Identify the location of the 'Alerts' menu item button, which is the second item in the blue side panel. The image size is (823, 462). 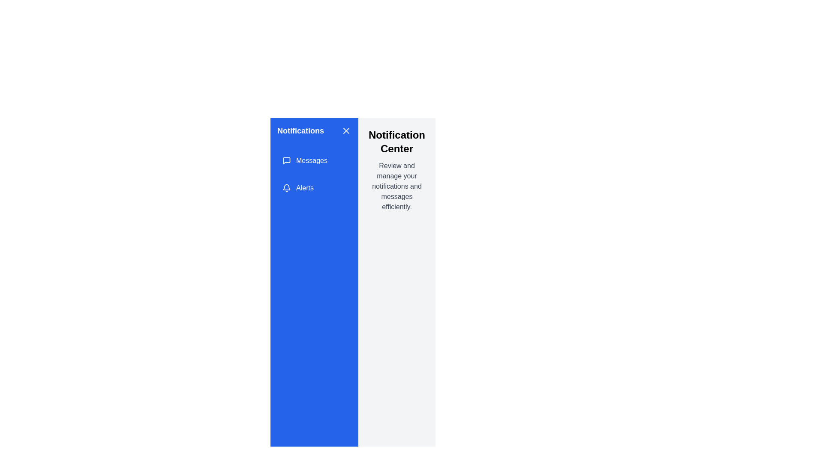
(314, 187).